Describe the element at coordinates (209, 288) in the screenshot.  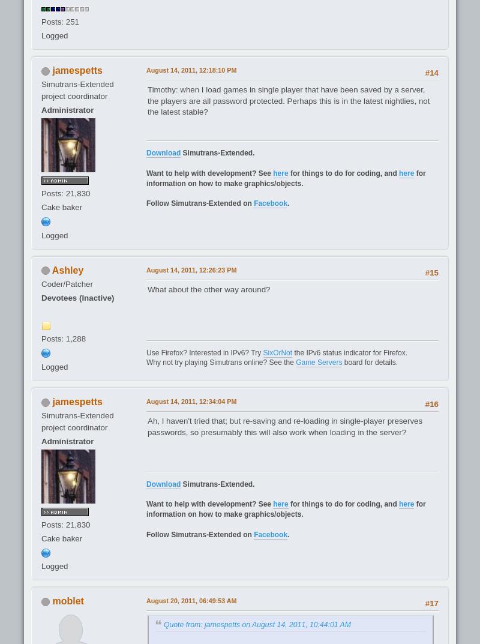
I see `'What about the other way around?'` at that location.